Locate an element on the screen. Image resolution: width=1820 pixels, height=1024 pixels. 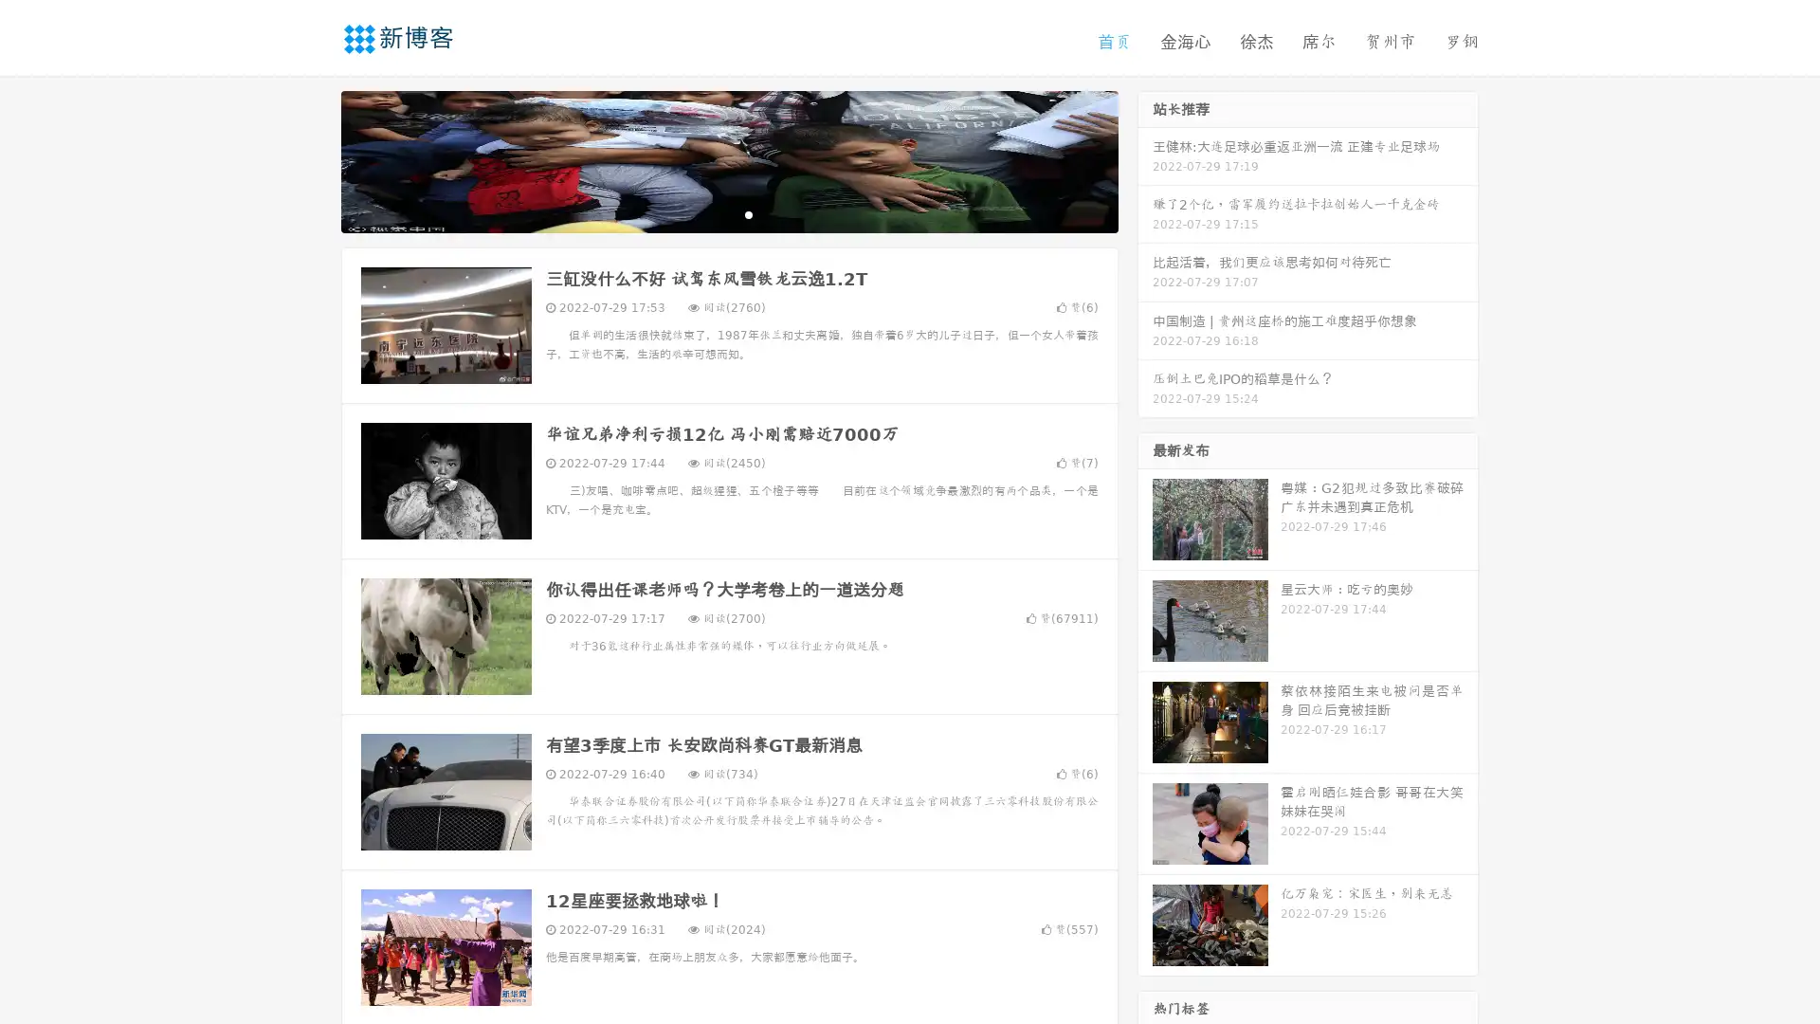
Go to slide 2 is located at coordinates (728, 213).